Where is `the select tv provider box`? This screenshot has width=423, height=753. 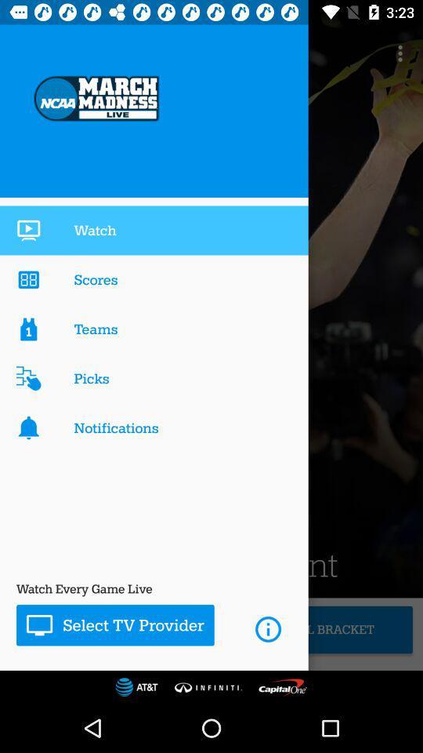 the select tv provider box is located at coordinates (114, 625).